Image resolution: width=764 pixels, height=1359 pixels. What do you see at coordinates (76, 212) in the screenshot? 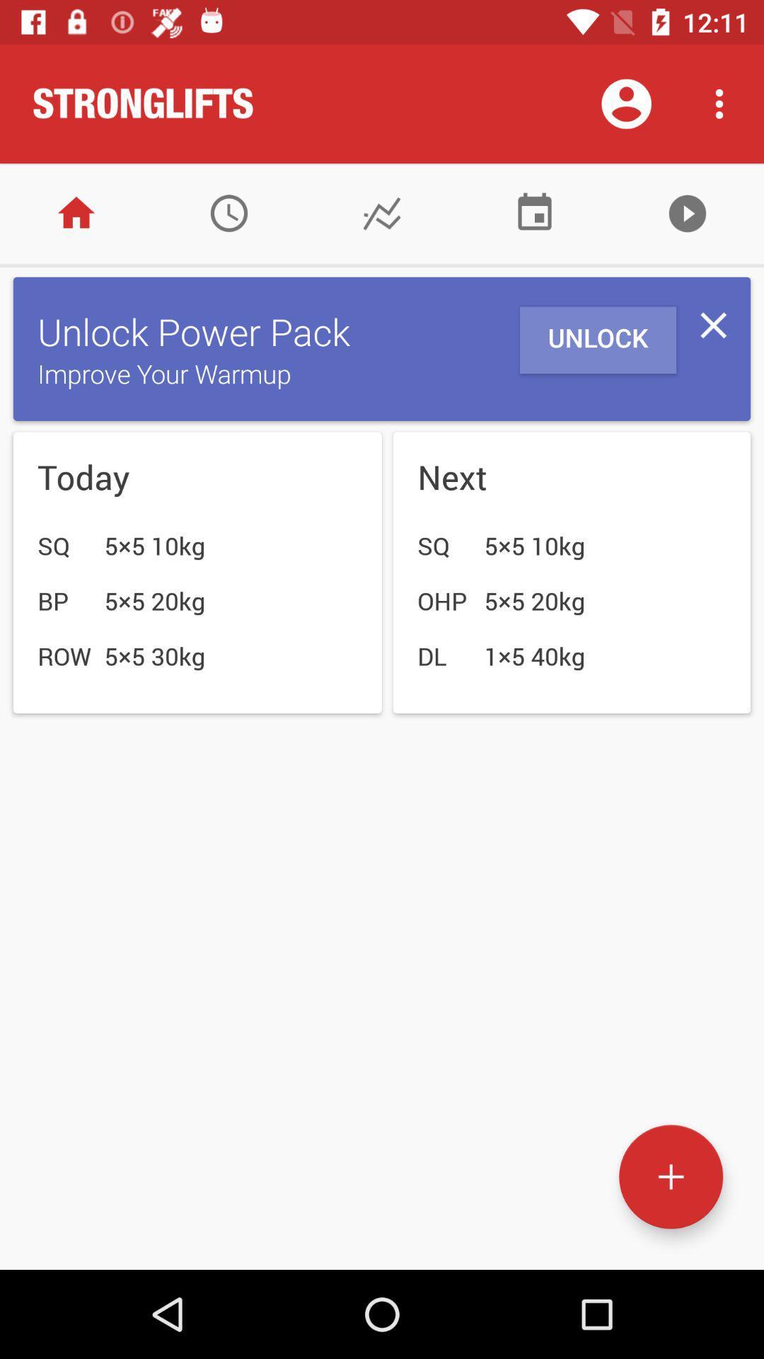
I see `goes to app 's home screen` at bounding box center [76, 212].